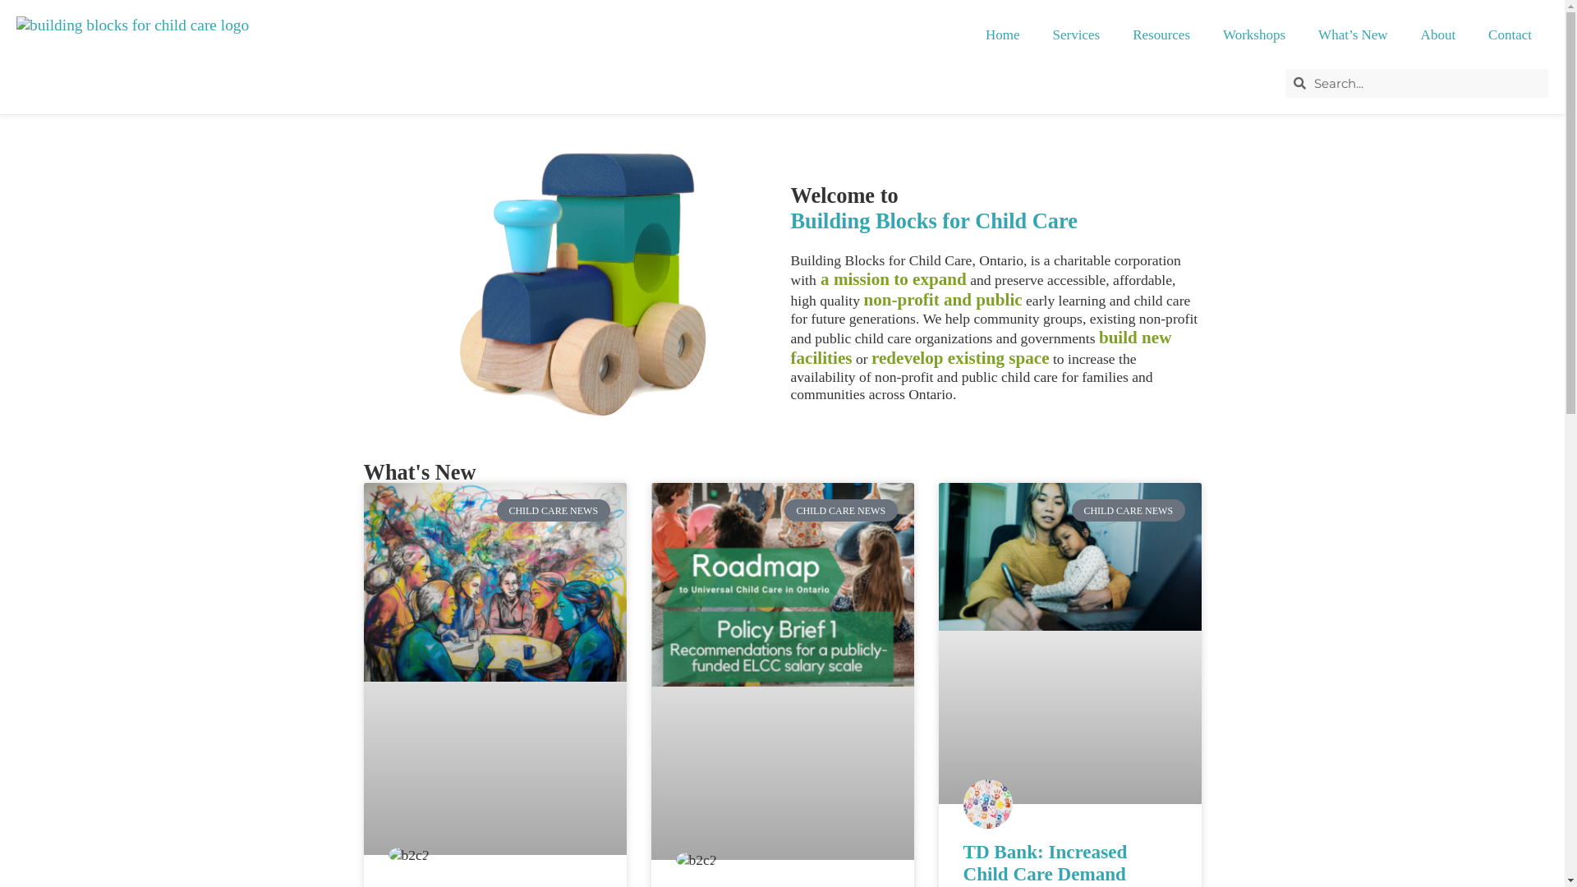 The image size is (1577, 887). I want to click on 'Workshops', so click(1253, 34).